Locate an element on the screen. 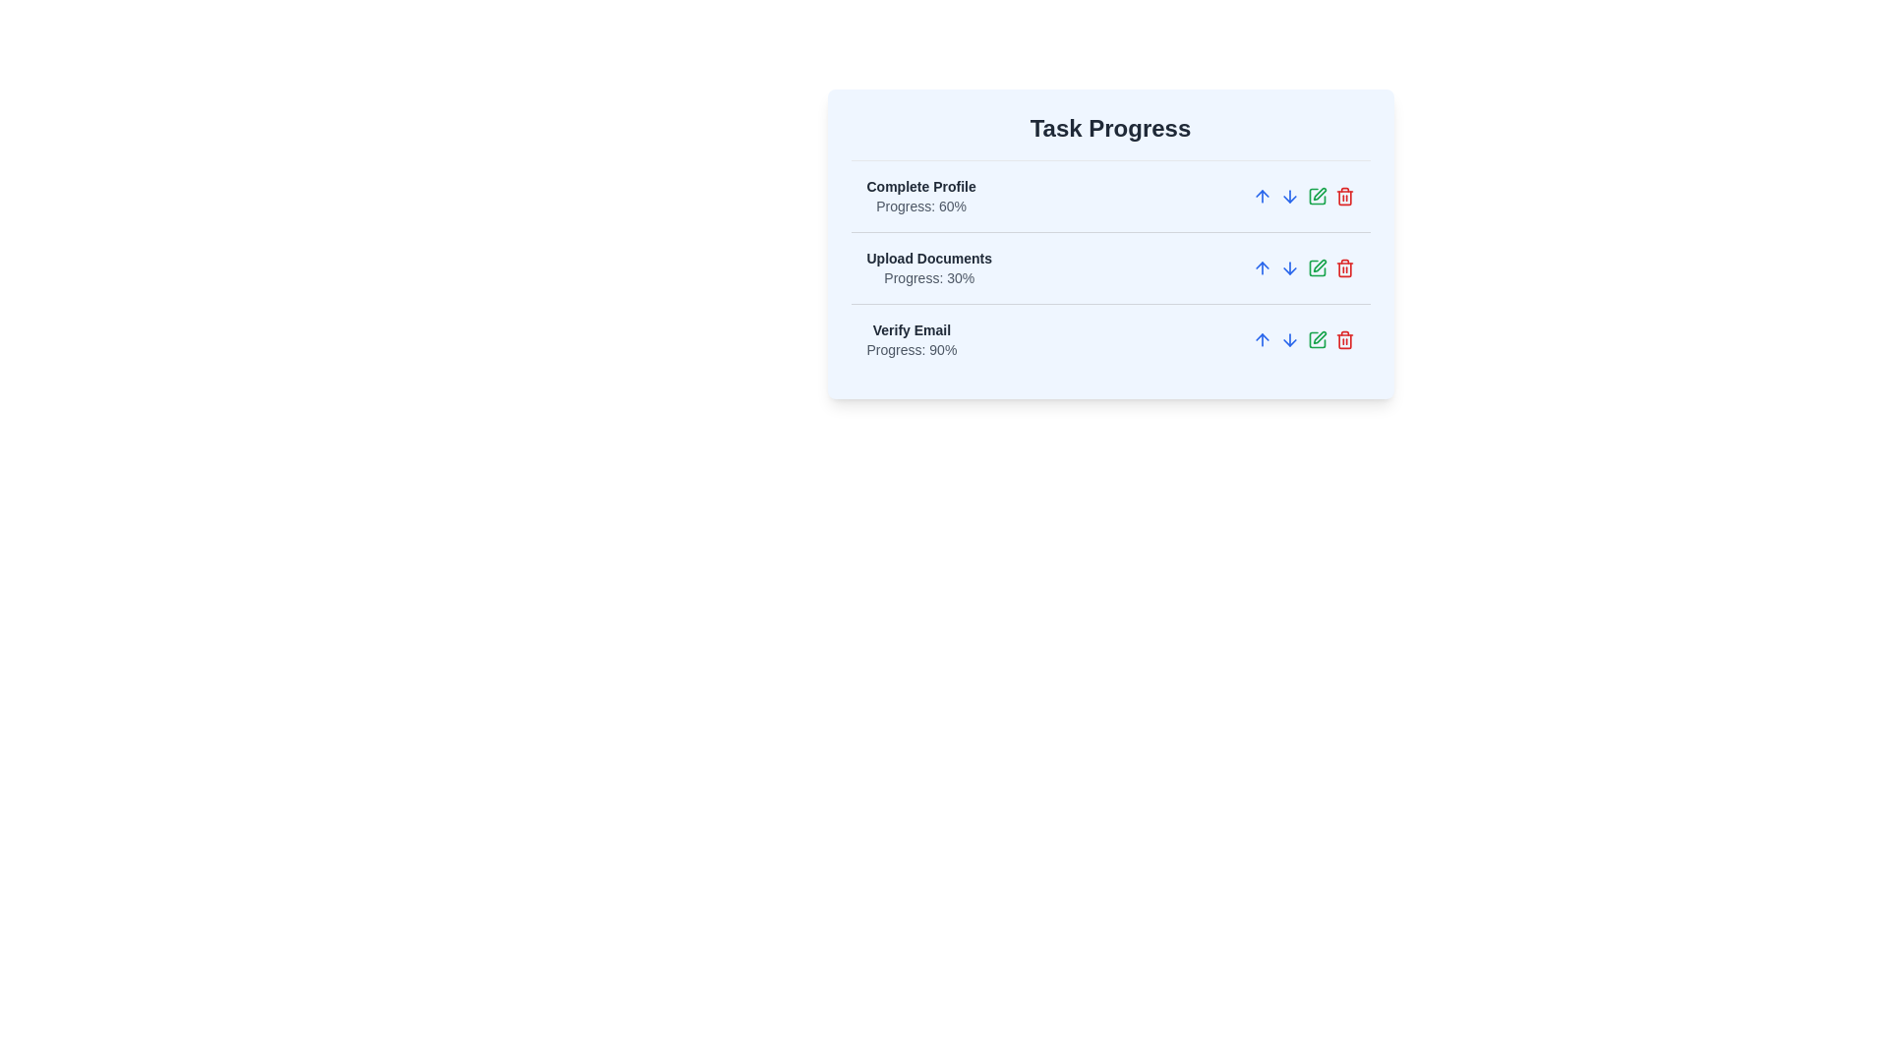 This screenshot has width=1888, height=1062. the third interactive icon to the right in the horizontal sequence of action buttons for 'Upload Documents' is located at coordinates (1317, 268).